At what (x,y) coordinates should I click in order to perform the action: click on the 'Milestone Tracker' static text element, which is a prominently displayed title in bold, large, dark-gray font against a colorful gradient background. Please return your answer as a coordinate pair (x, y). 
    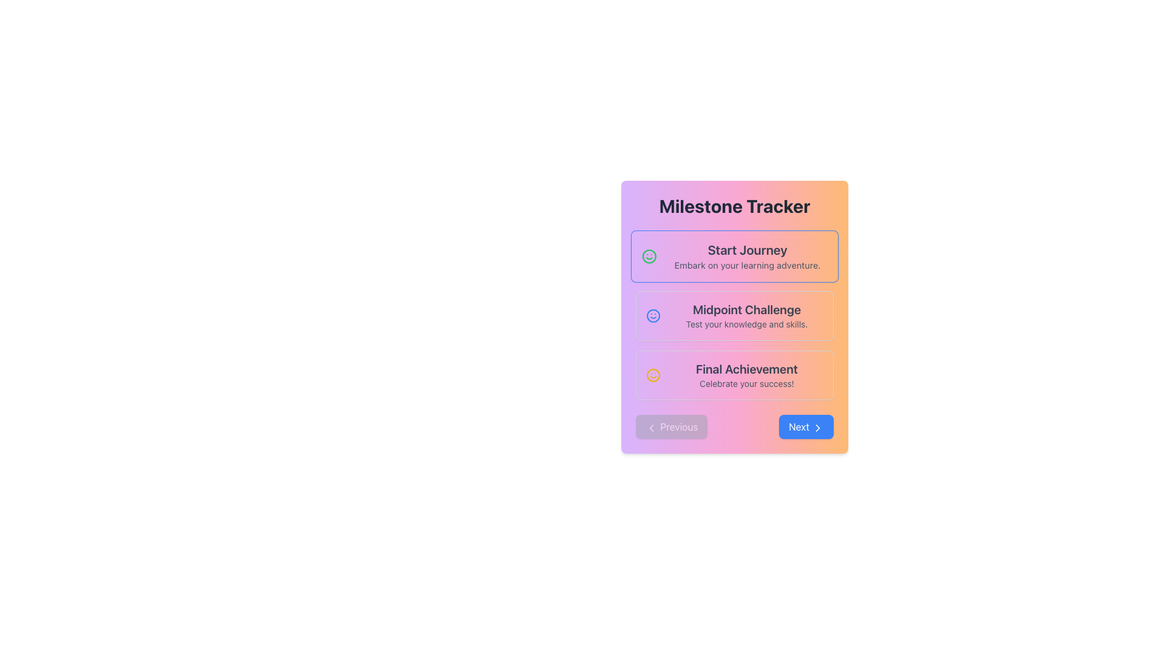
    Looking at the image, I should click on (734, 205).